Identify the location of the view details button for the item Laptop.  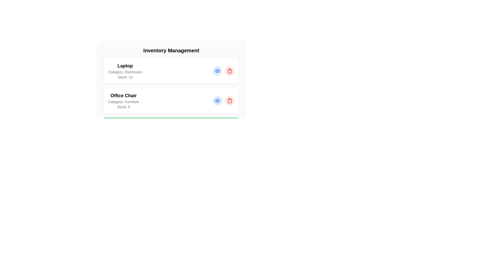
(217, 71).